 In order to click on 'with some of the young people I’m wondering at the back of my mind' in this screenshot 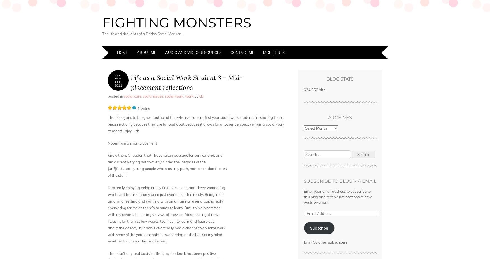, I will do `click(165, 234)`.